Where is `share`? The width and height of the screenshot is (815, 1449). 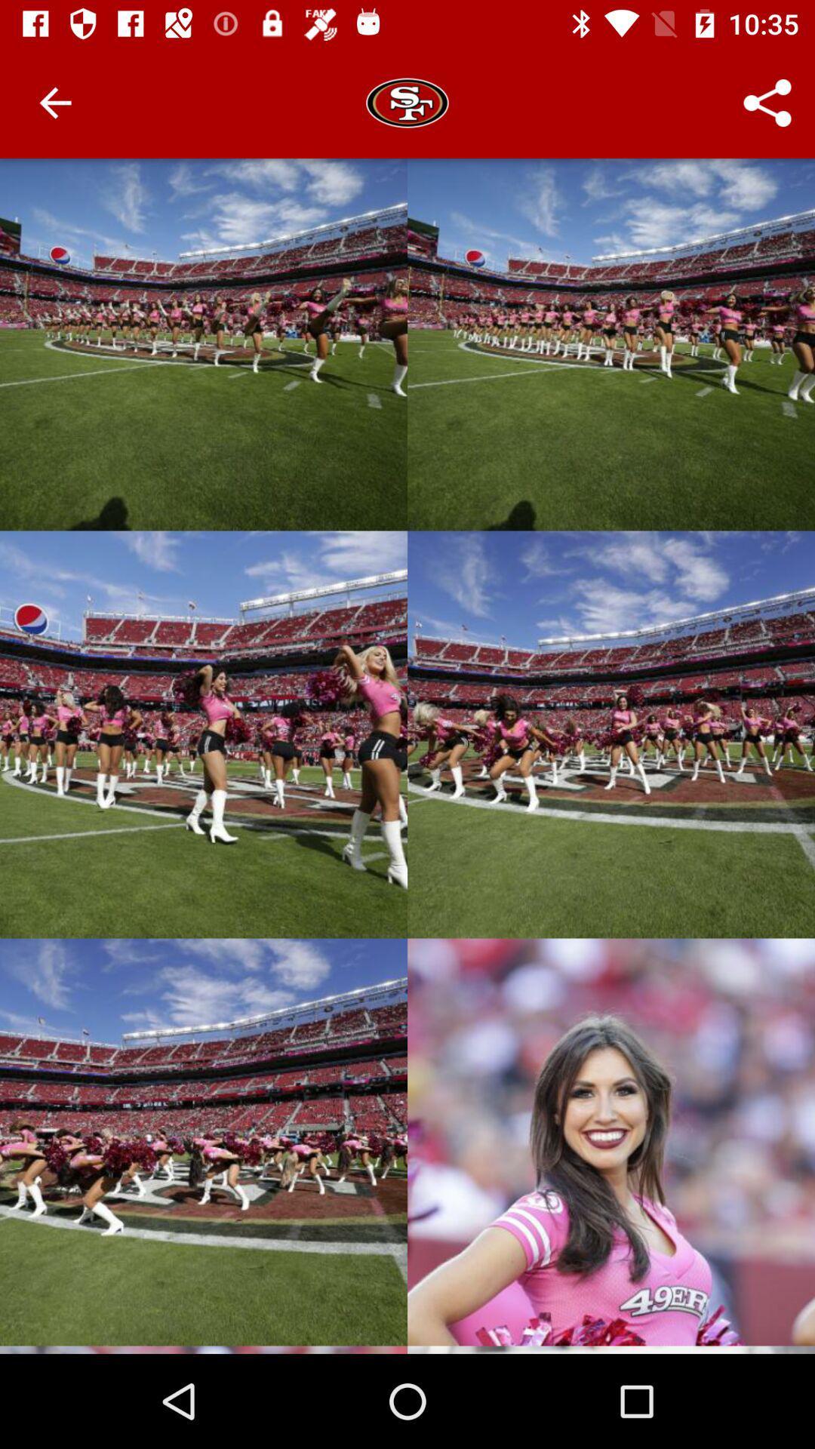
share is located at coordinates (767, 103).